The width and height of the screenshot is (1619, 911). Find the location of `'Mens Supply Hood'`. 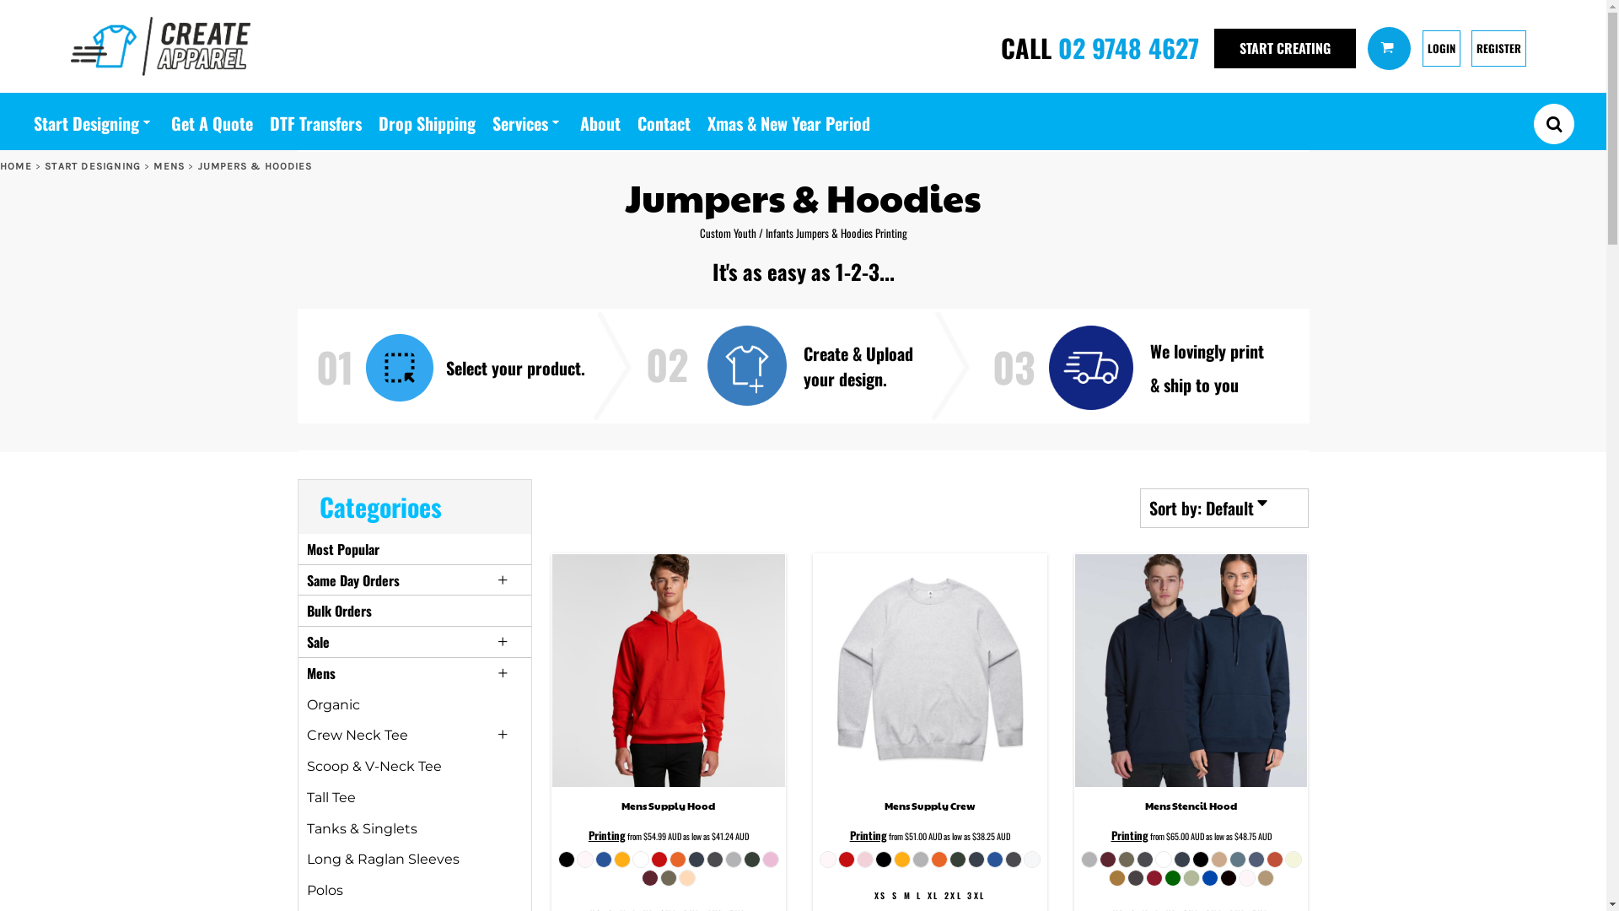

'Mens Supply Hood' is located at coordinates (621, 805).